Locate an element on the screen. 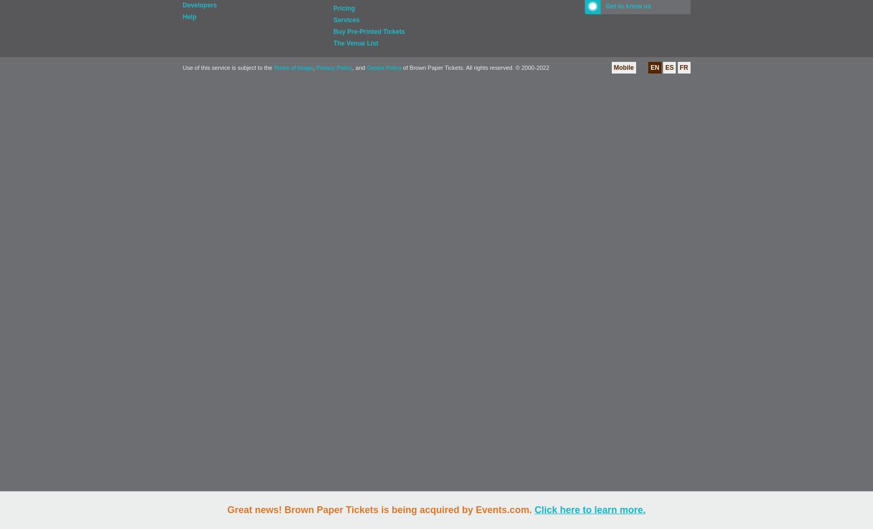 The height and width of the screenshot is (529, 873). 'ES' is located at coordinates (668, 68).